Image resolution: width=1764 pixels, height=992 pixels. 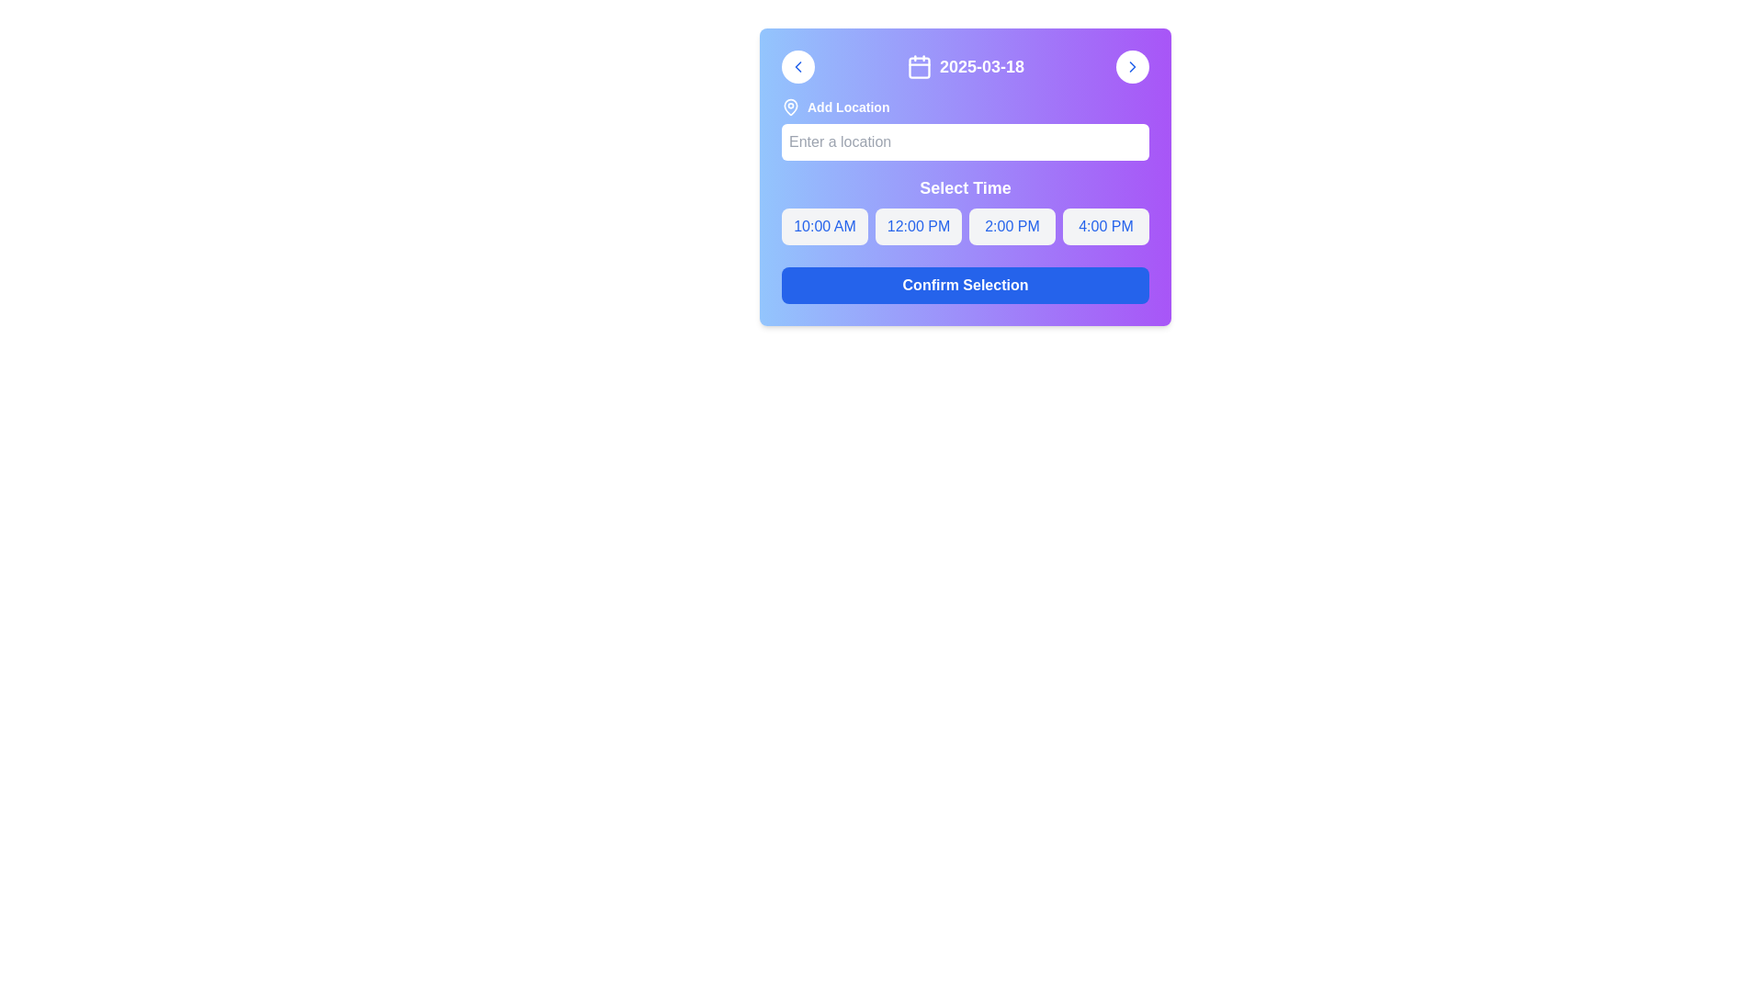 I want to click on the map pin icon located to the left of the 'Add Location' text in the modal, which is styled with a minimalistic line-art design, so click(x=790, y=107).